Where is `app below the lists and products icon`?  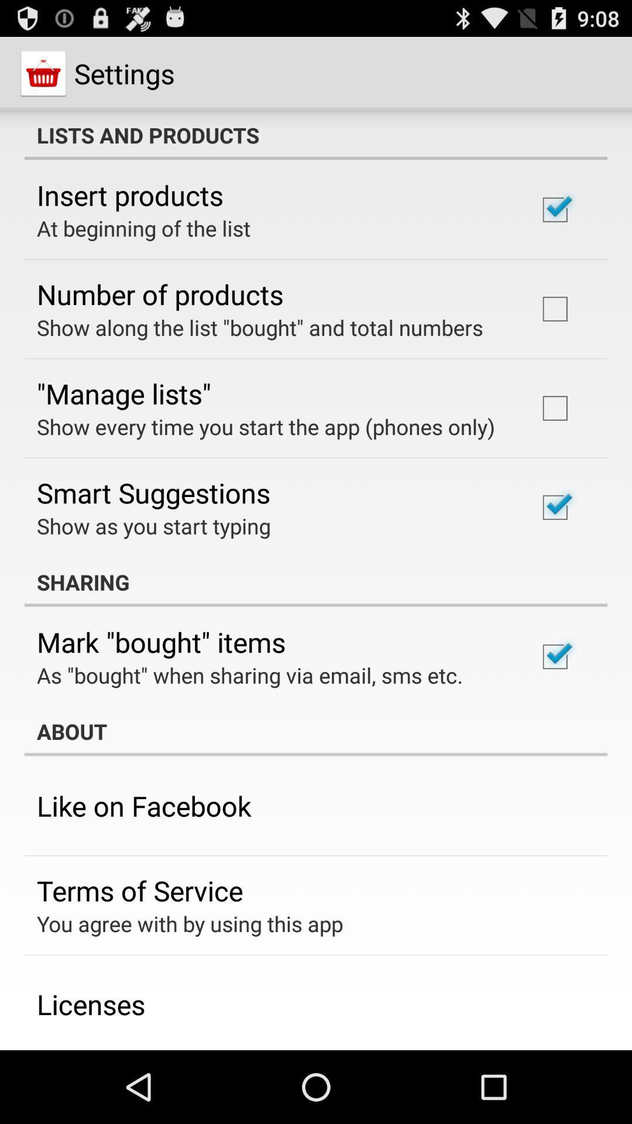
app below the lists and products icon is located at coordinates (130, 195).